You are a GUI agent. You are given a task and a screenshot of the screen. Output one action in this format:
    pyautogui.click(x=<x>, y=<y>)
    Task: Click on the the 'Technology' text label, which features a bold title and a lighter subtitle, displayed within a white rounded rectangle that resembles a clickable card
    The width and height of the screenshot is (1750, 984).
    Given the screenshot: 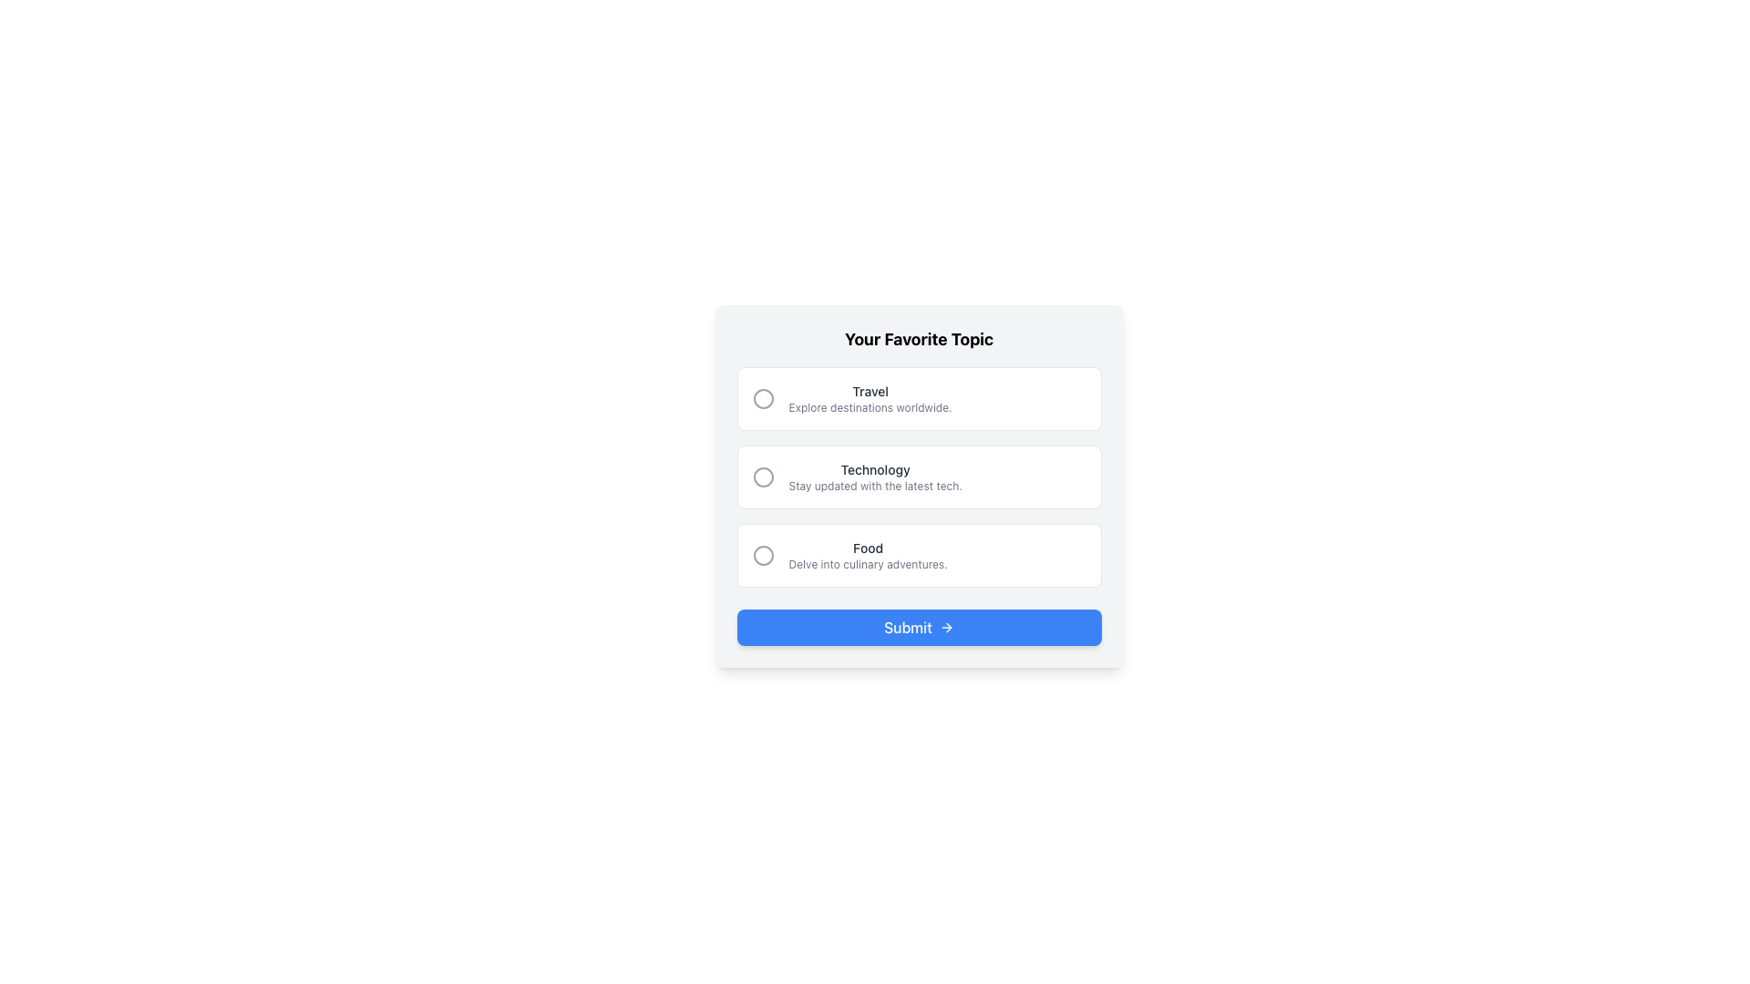 What is the action you would take?
    pyautogui.click(x=875, y=477)
    